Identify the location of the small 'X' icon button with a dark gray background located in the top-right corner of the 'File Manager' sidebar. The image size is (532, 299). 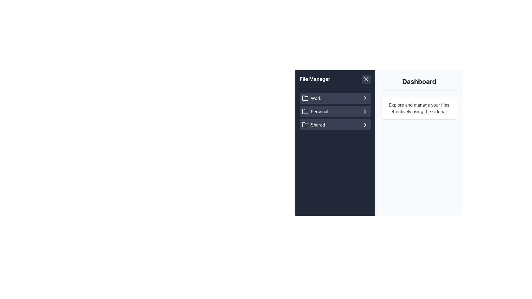
(366, 79).